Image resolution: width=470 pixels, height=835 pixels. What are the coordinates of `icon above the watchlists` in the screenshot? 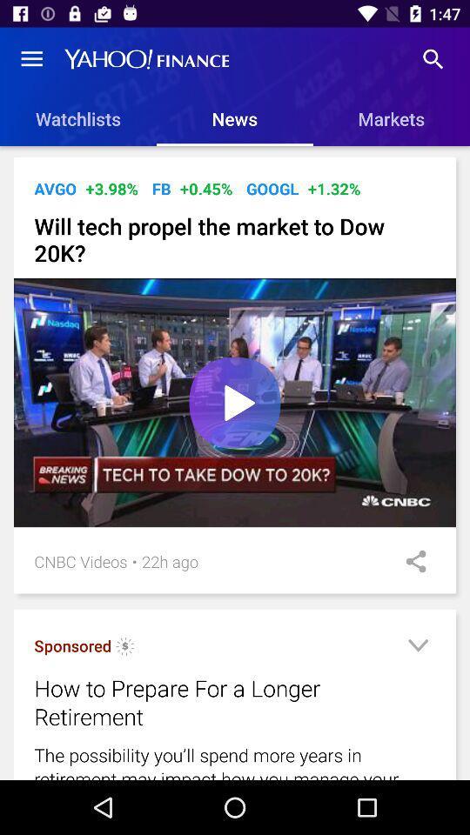 It's located at (31, 59).